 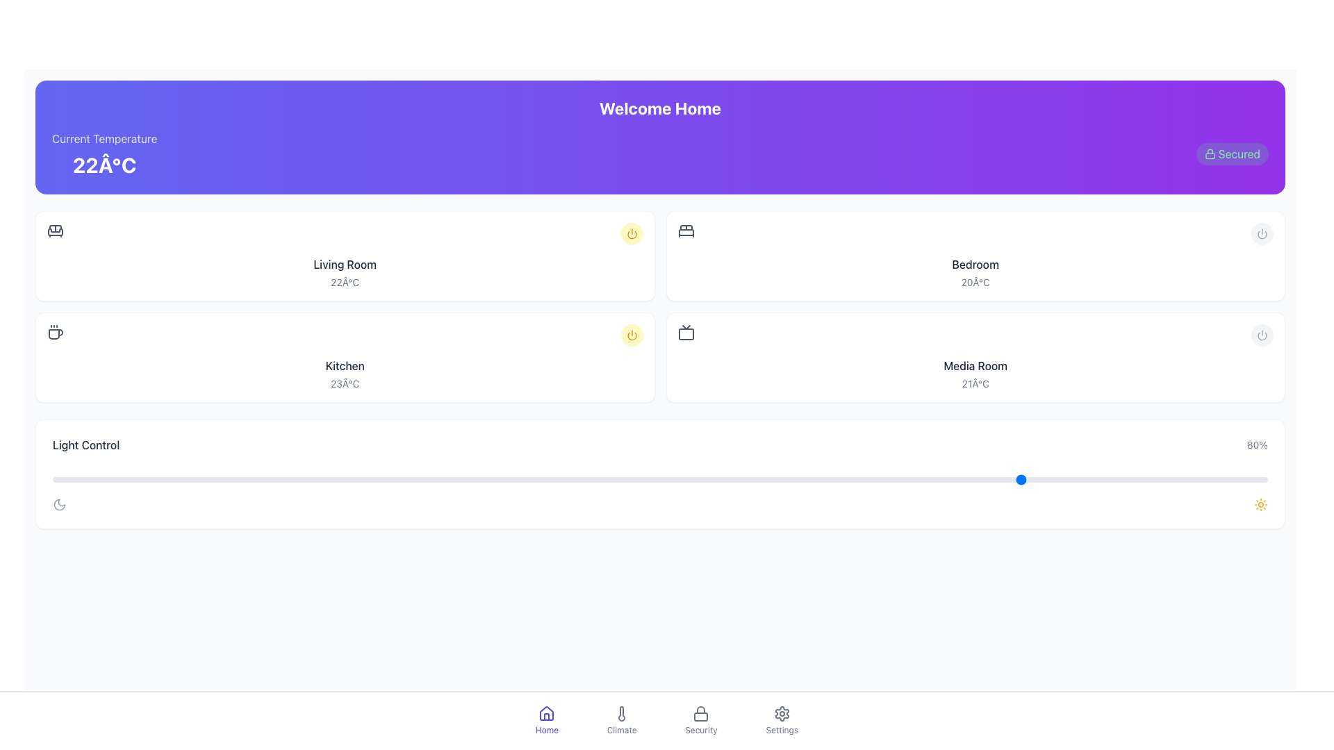 I want to click on the descriptive label for the 'Settings' icon located in the bottom navigation bar beneath the gear icon, so click(x=782, y=730).